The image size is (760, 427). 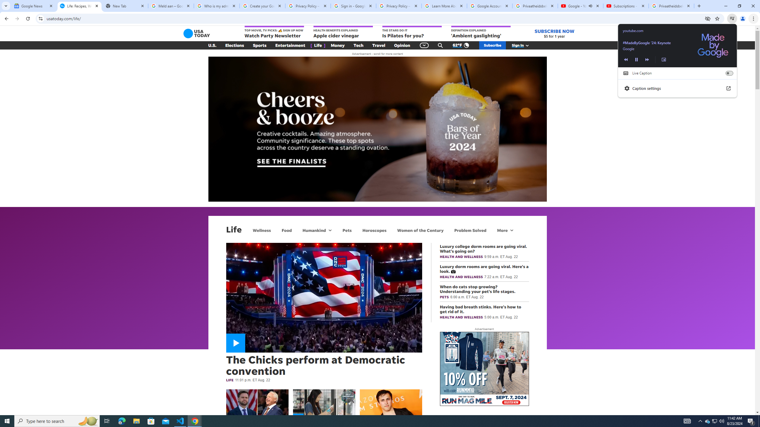 I want to click on 'Food', so click(x=287, y=230).